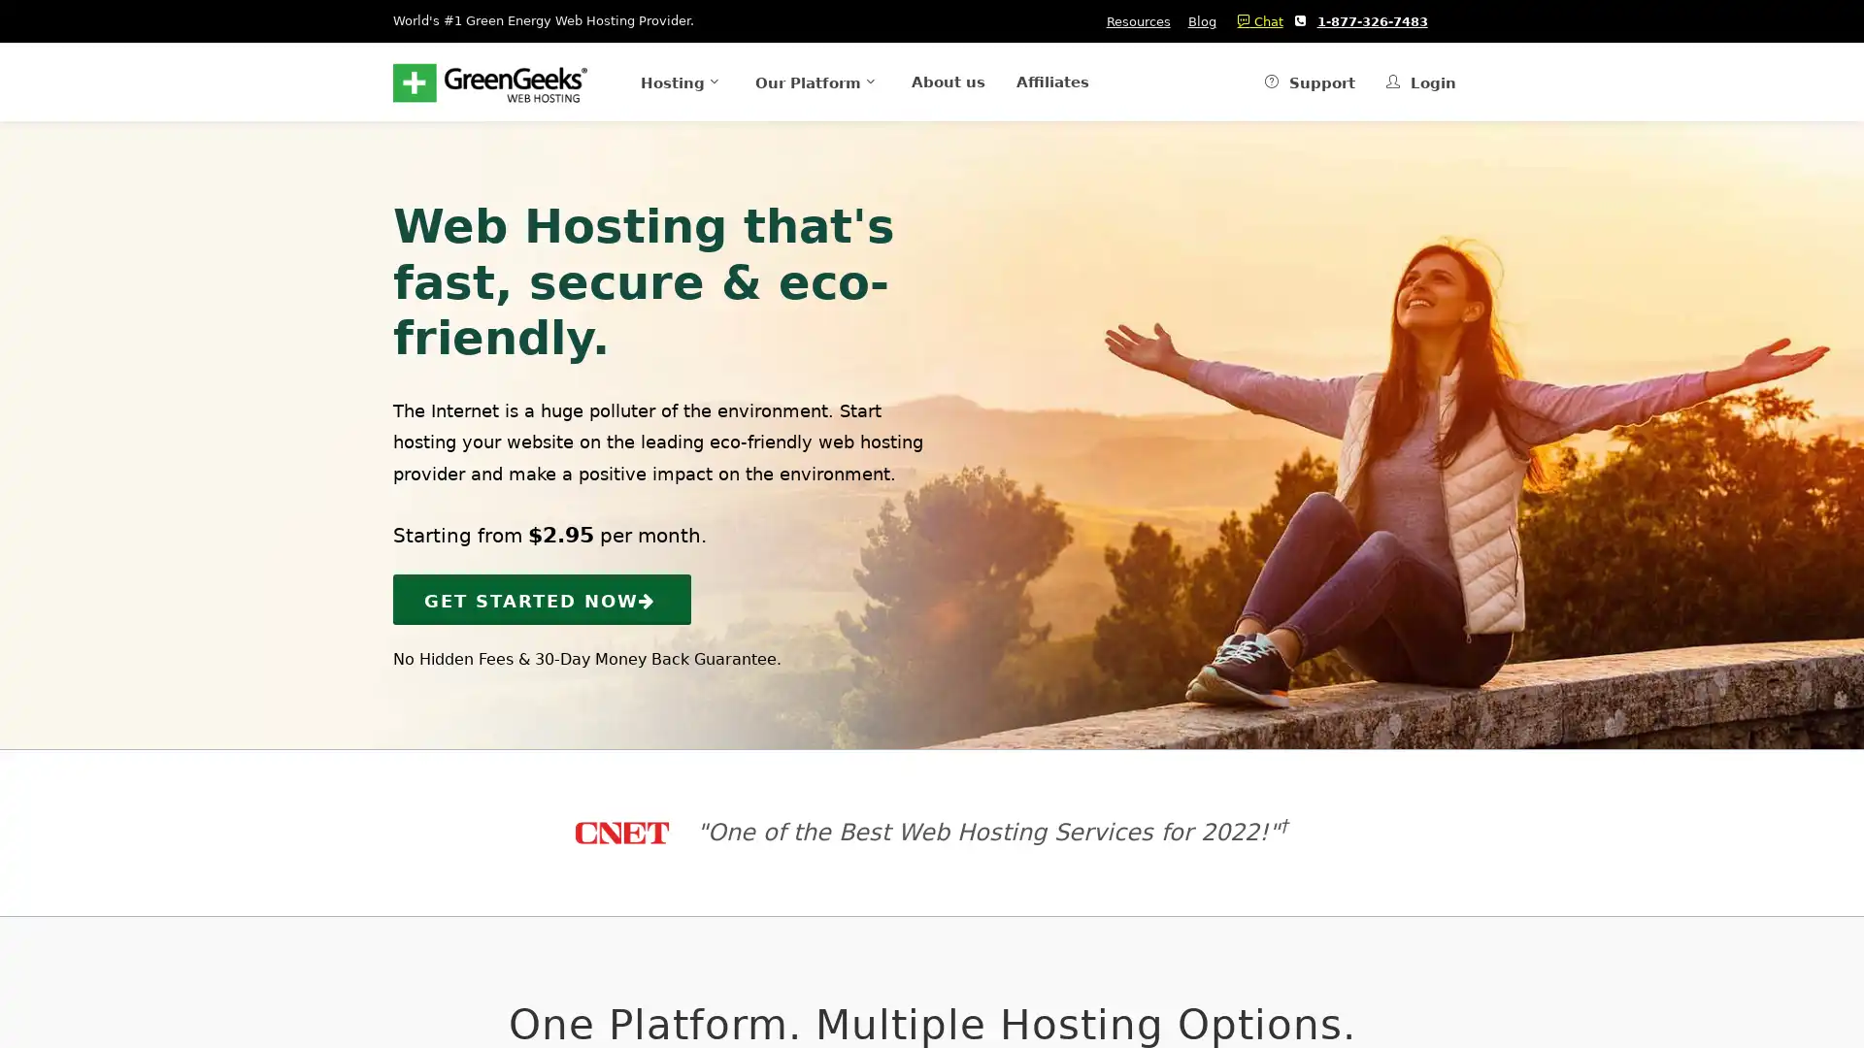 The height and width of the screenshot is (1048, 1864). I want to click on Get Started Now, so click(542, 598).